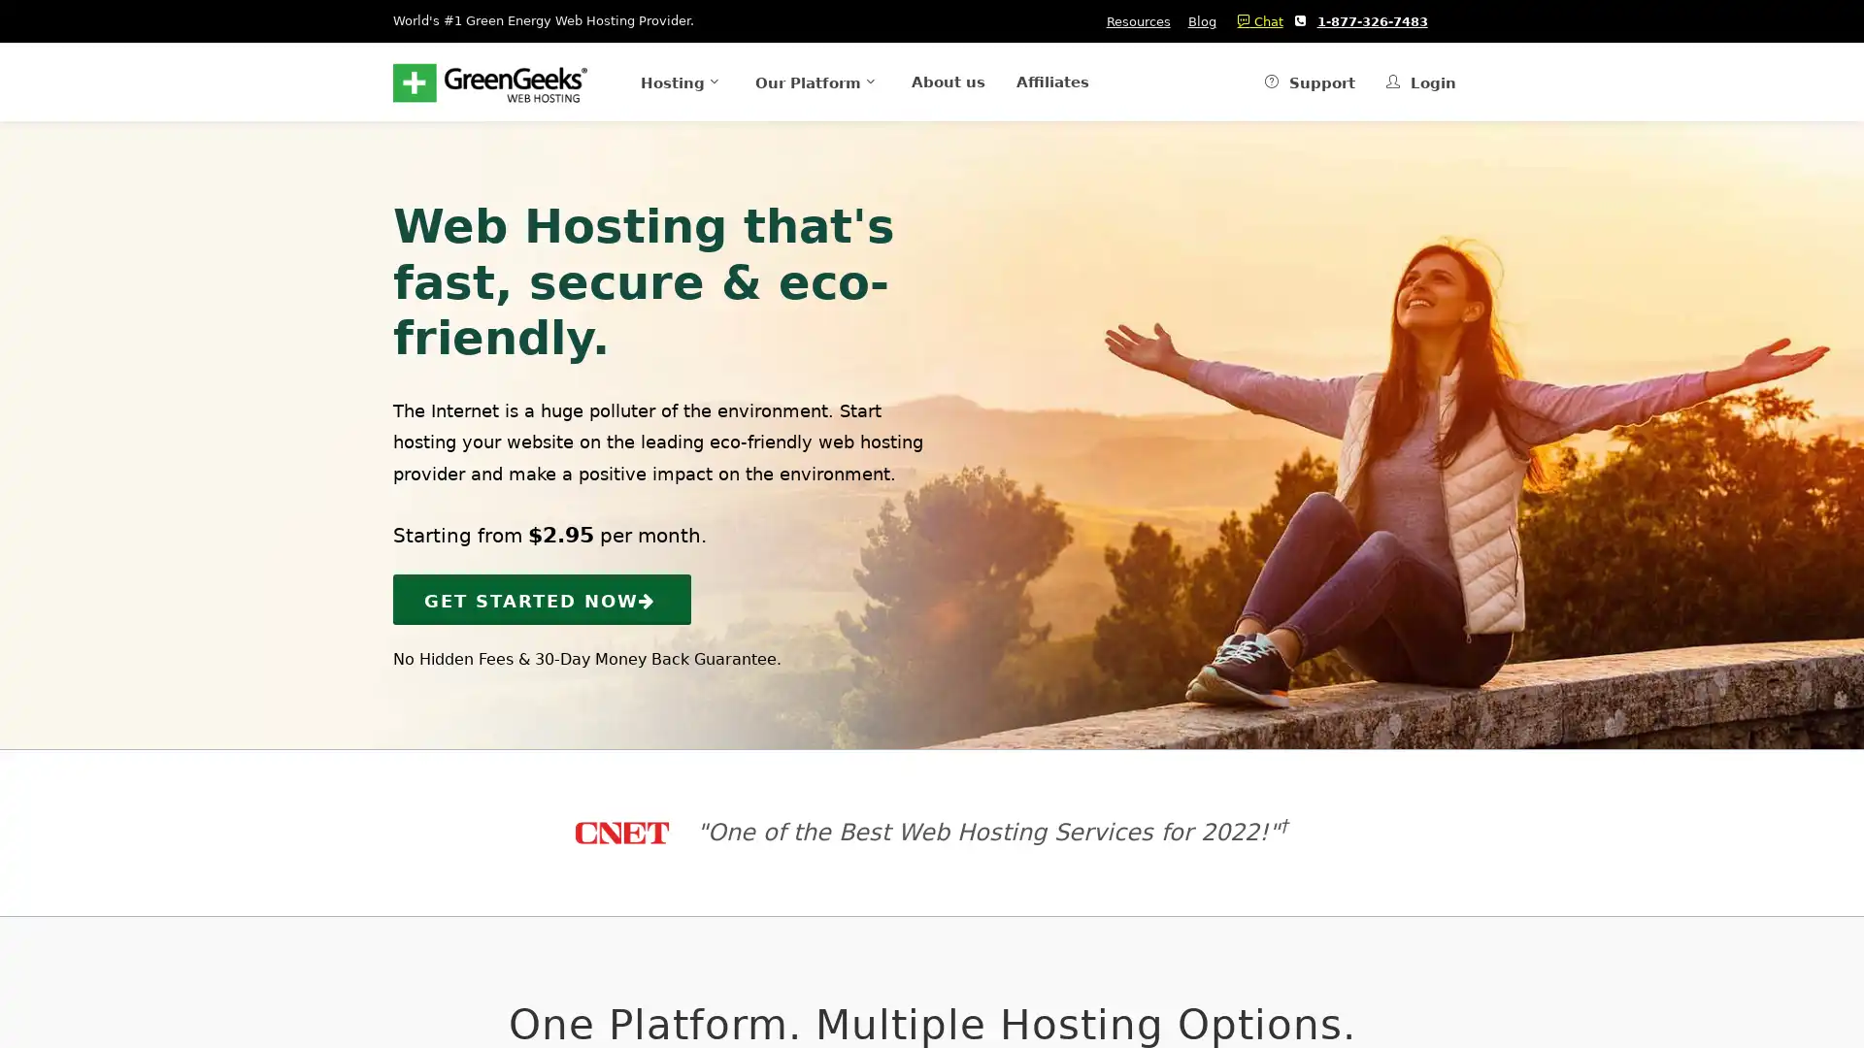 The height and width of the screenshot is (1048, 1864). I want to click on Get Started Now, so click(542, 598).